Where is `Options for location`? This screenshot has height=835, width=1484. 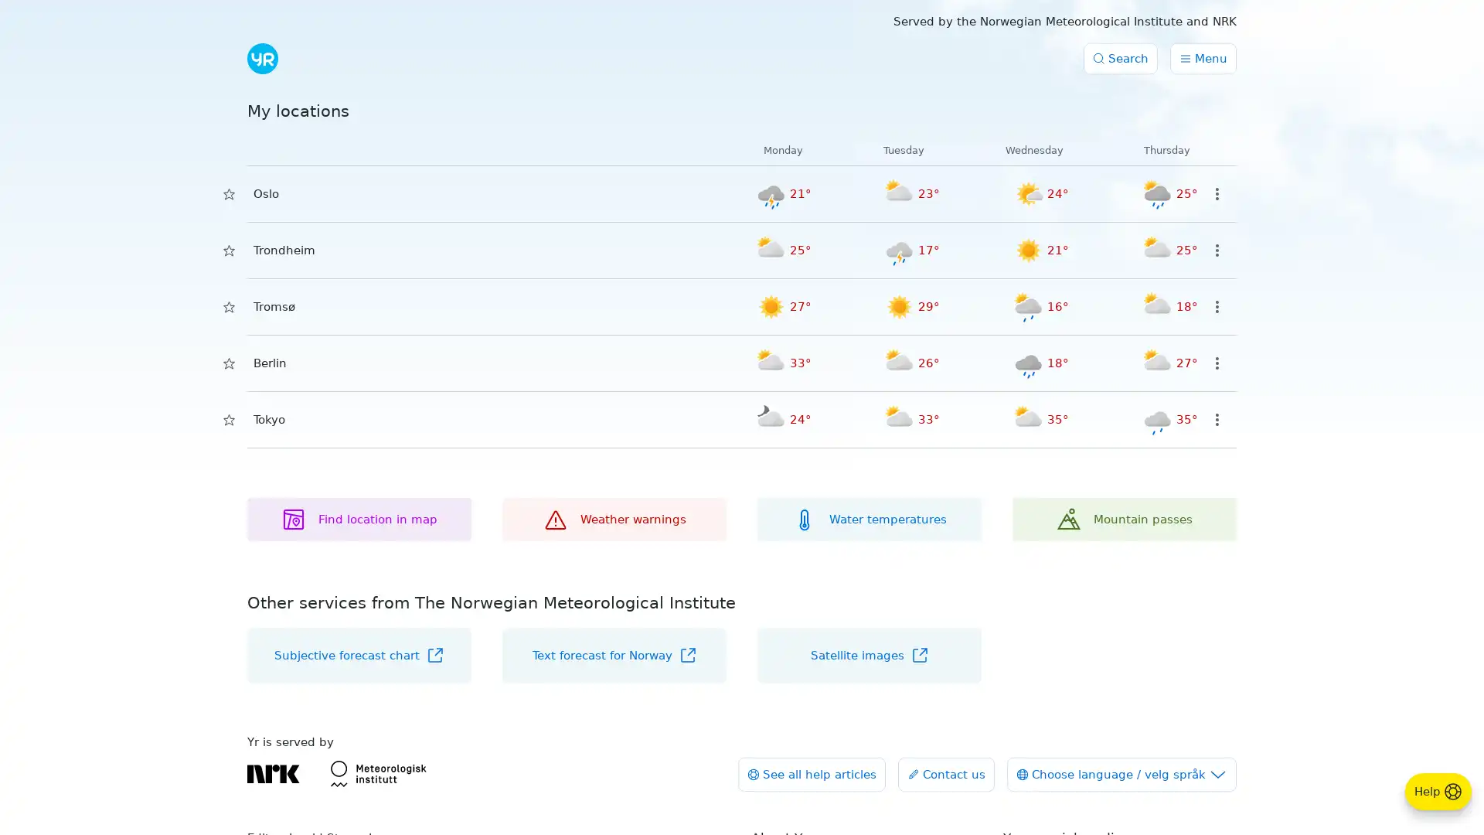 Options for location is located at coordinates (1216, 193).